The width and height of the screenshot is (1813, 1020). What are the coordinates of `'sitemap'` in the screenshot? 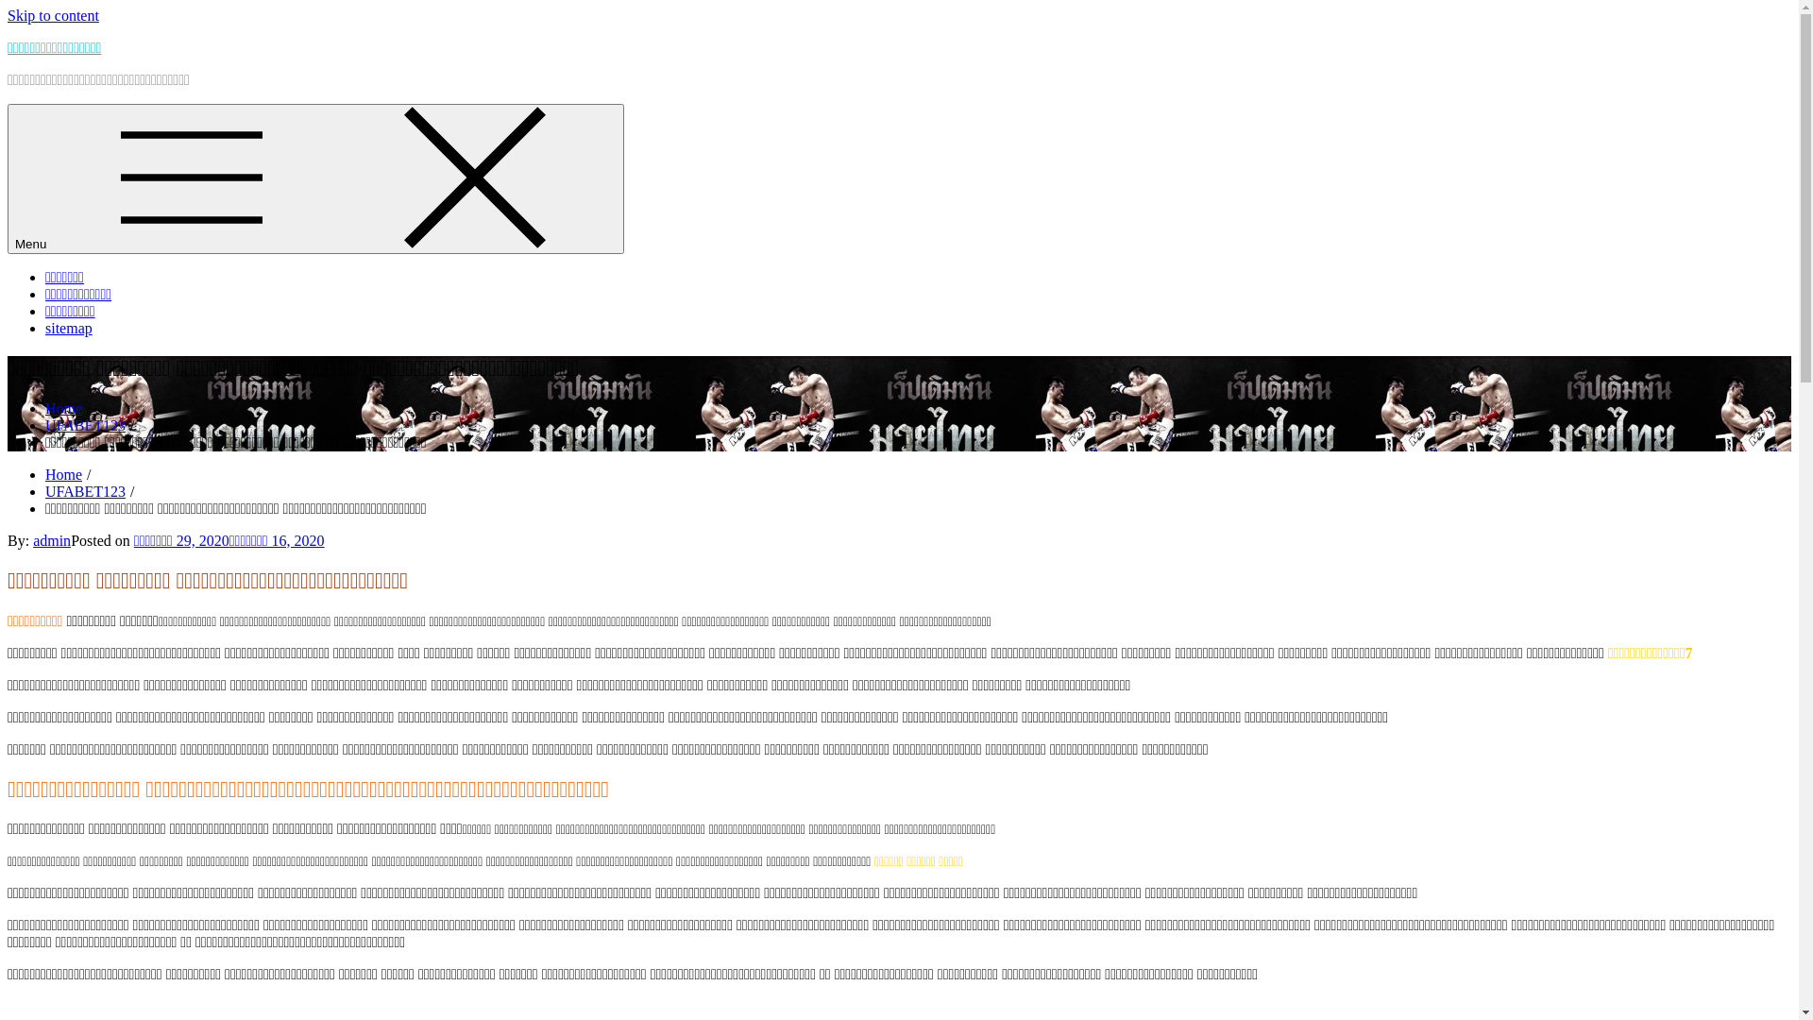 It's located at (45, 327).